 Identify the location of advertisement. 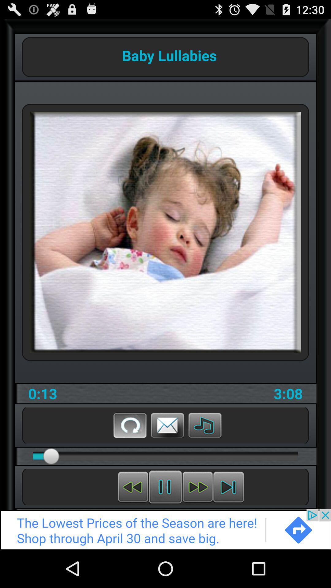
(165, 529).